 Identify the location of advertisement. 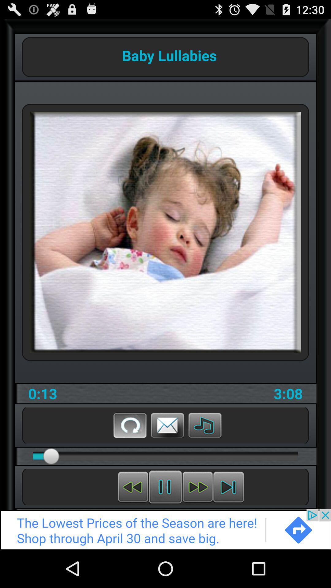
(165, 529).